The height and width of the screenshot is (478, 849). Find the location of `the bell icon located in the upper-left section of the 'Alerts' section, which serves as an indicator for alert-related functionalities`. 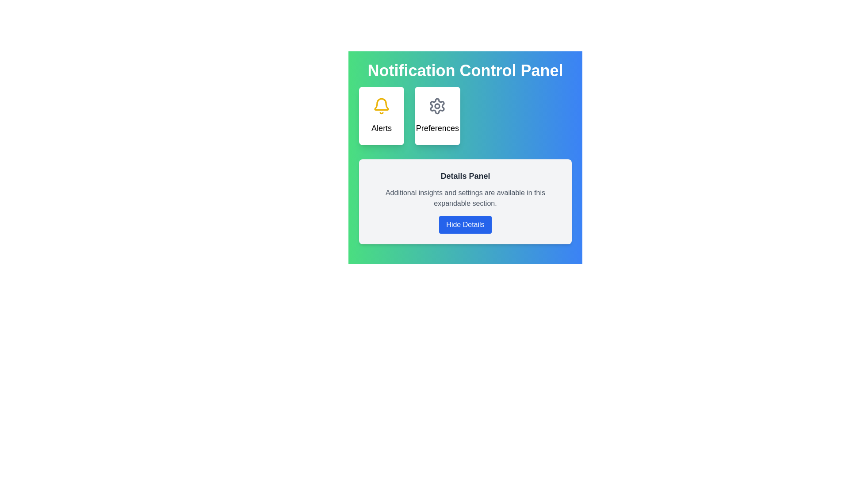

the bell icon located in the upper-left section of the 'Alerts' section, which serves as an indicator for alert-related functionalities is located at coordinates (382, 105).